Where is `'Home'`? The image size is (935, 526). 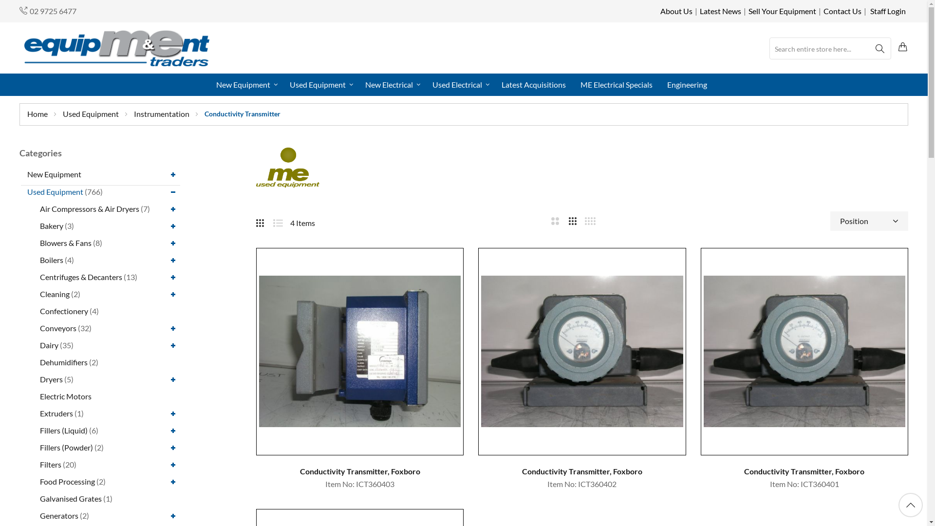 'Home' is located at coordinates (38, 113).